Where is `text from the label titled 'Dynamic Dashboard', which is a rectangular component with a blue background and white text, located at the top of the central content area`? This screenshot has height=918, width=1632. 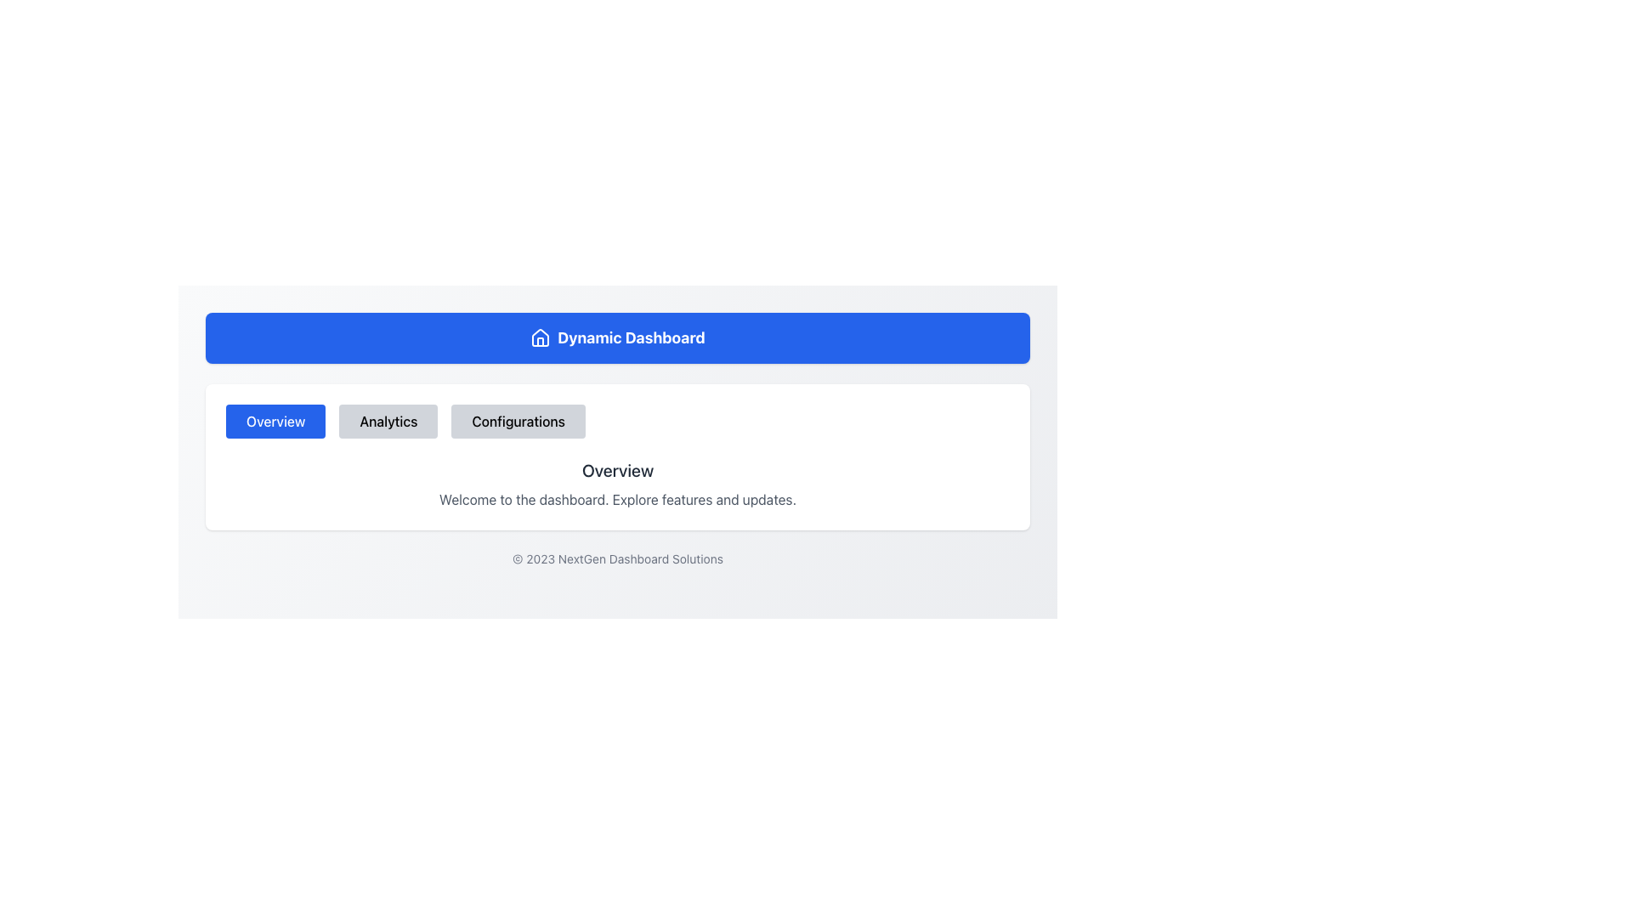
text from the label titled 'Dynamic Dashboard', which is a rectangular component with a blue background and white text, located at the top of the central content area is located at coordinates (616, 337).